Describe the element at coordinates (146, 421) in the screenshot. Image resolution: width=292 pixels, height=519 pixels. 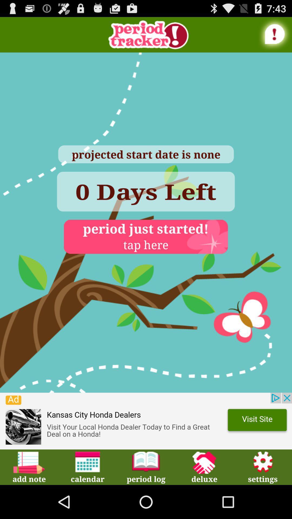
I see `advertisement` at that location.